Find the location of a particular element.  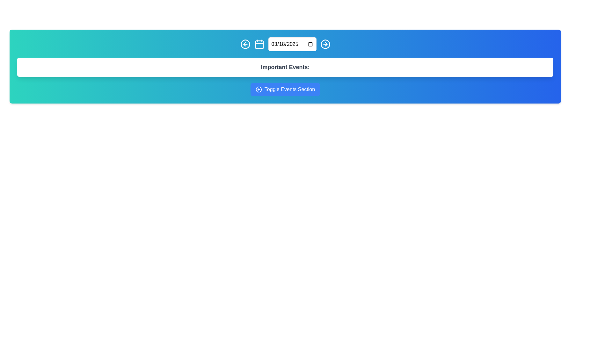

the circular boundary SVG element located in the top-right corner of the navigation bar is located at coordinates (325, 44).